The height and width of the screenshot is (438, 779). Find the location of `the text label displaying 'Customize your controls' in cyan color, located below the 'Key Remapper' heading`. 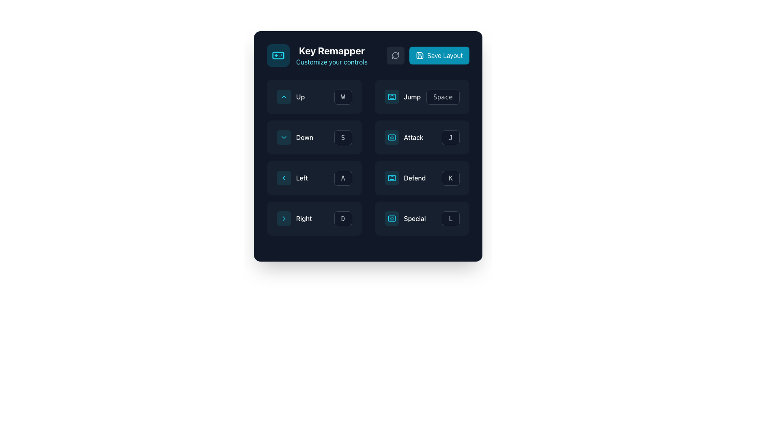

the text label displaying 'Customize your controls' in cyan color, located below the 'Key Remapper' heading is located at coordinates (331, 62).